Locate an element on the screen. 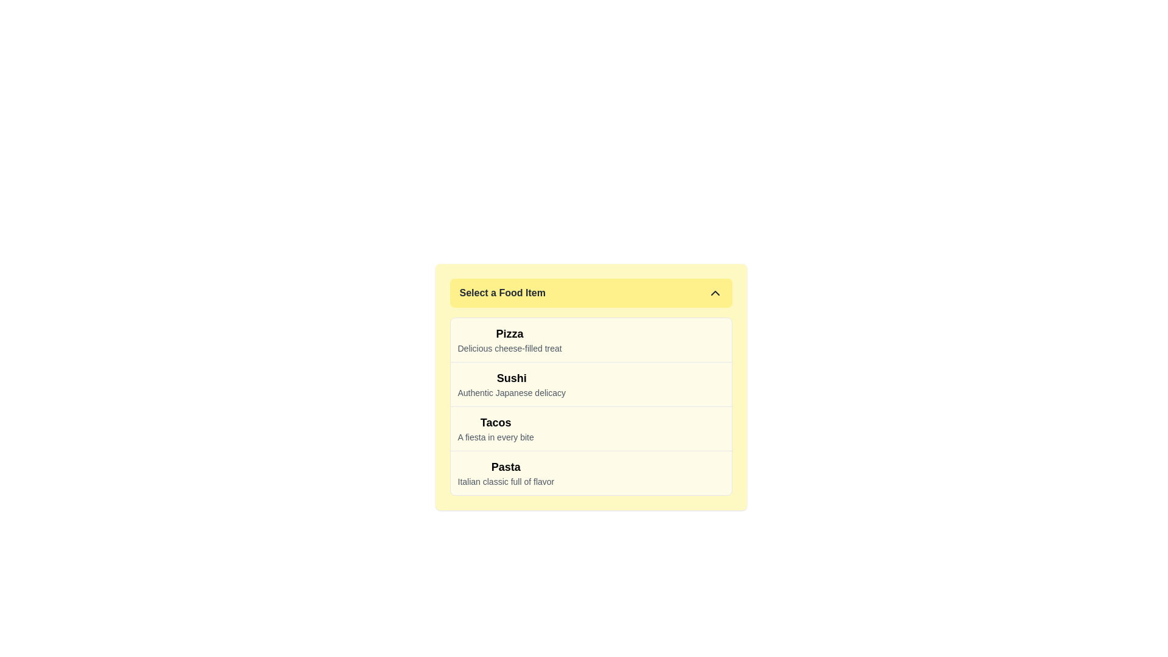 This screenshot has width=1168, height=657. the selectable list item representing the 'Sushi' food option is located at coordinates (591, 384).